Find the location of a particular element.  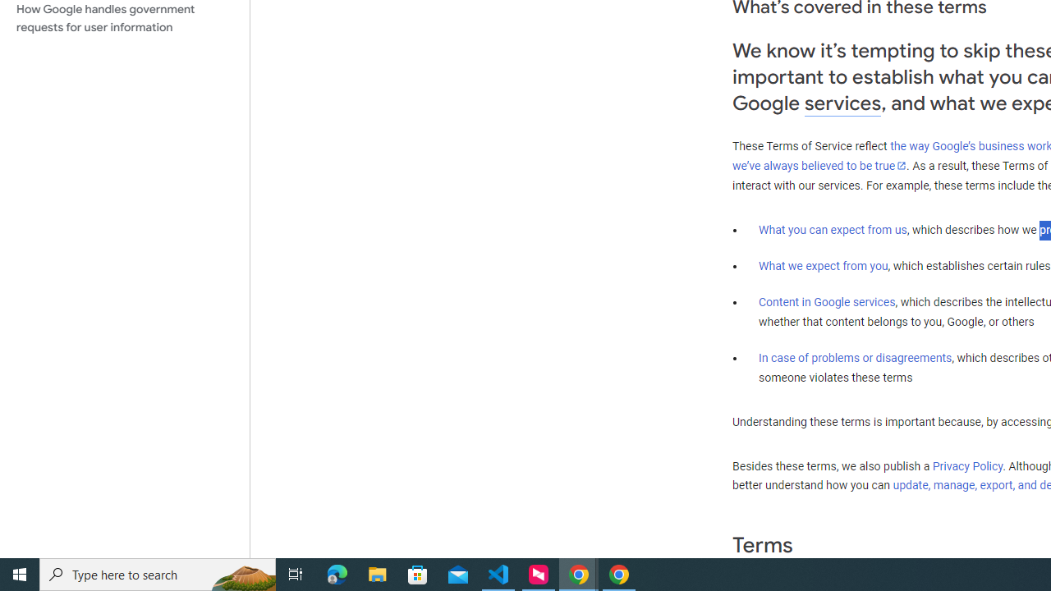

'What you can expect from us' is located at coordinates (833, 229).